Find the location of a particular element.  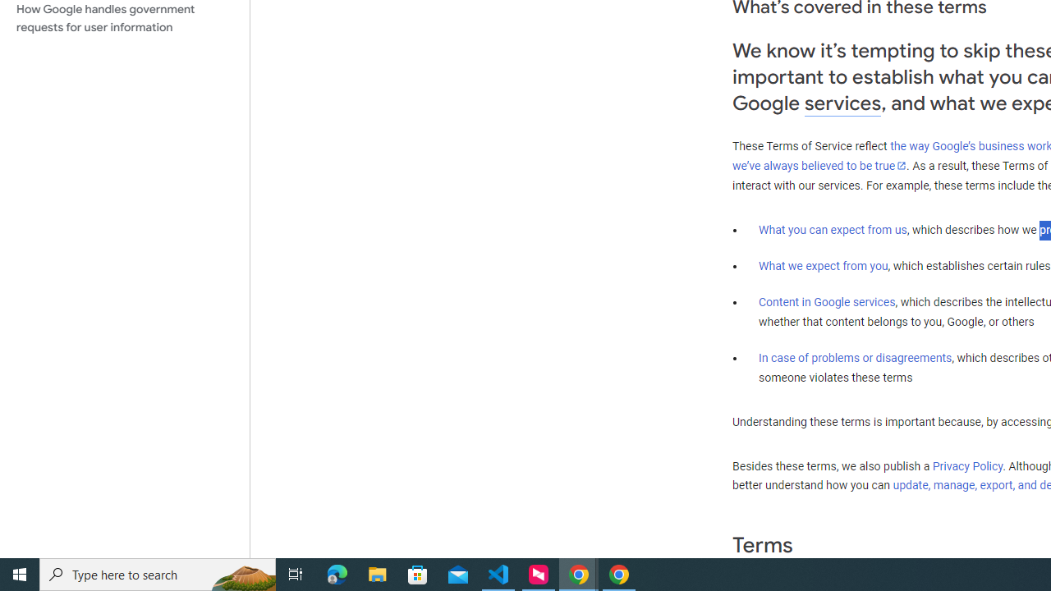

'What you can expect from us' is located at coordinates (833, 229).